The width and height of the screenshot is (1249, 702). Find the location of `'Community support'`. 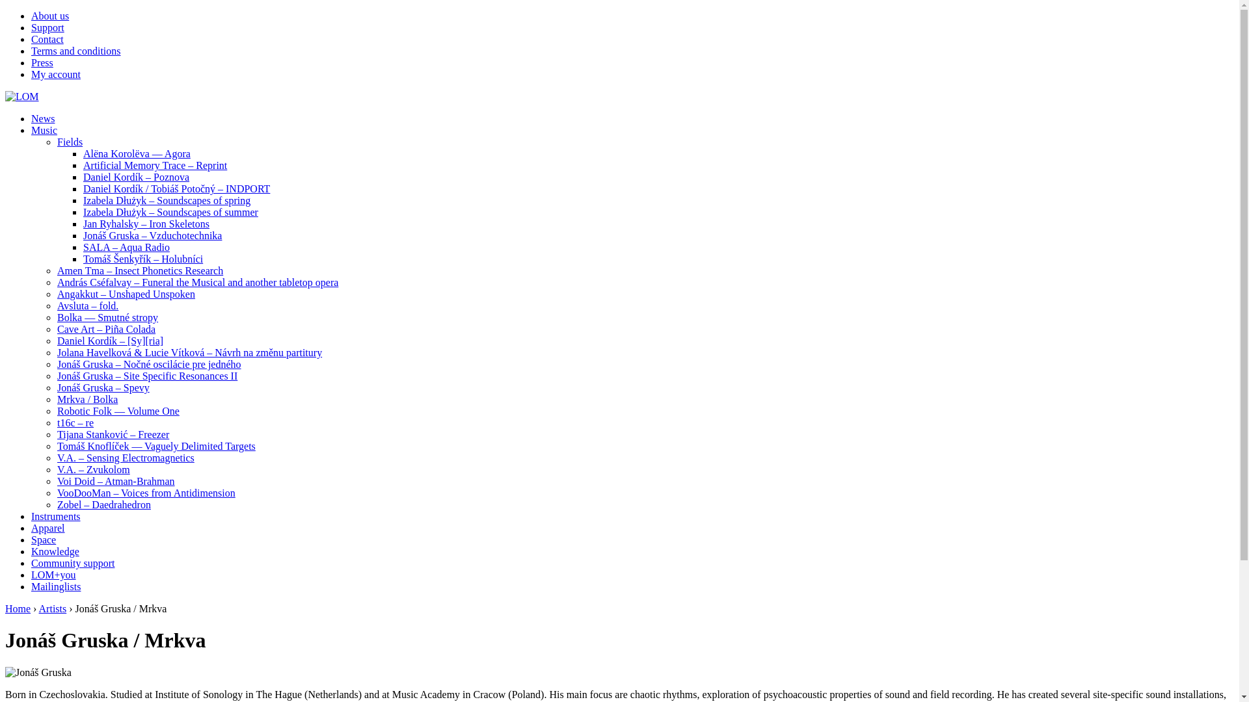

'Community support' is located at coordinates (31, 562).